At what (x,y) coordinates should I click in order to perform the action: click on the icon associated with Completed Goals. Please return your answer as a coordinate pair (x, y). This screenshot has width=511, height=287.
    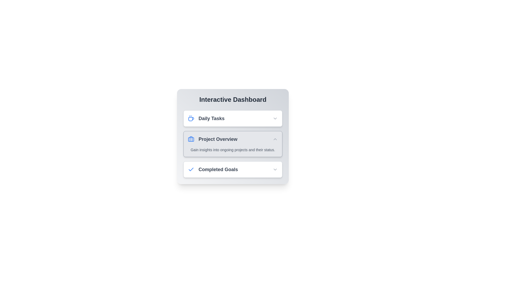
    Looking at the image, I should click on (191, 169).